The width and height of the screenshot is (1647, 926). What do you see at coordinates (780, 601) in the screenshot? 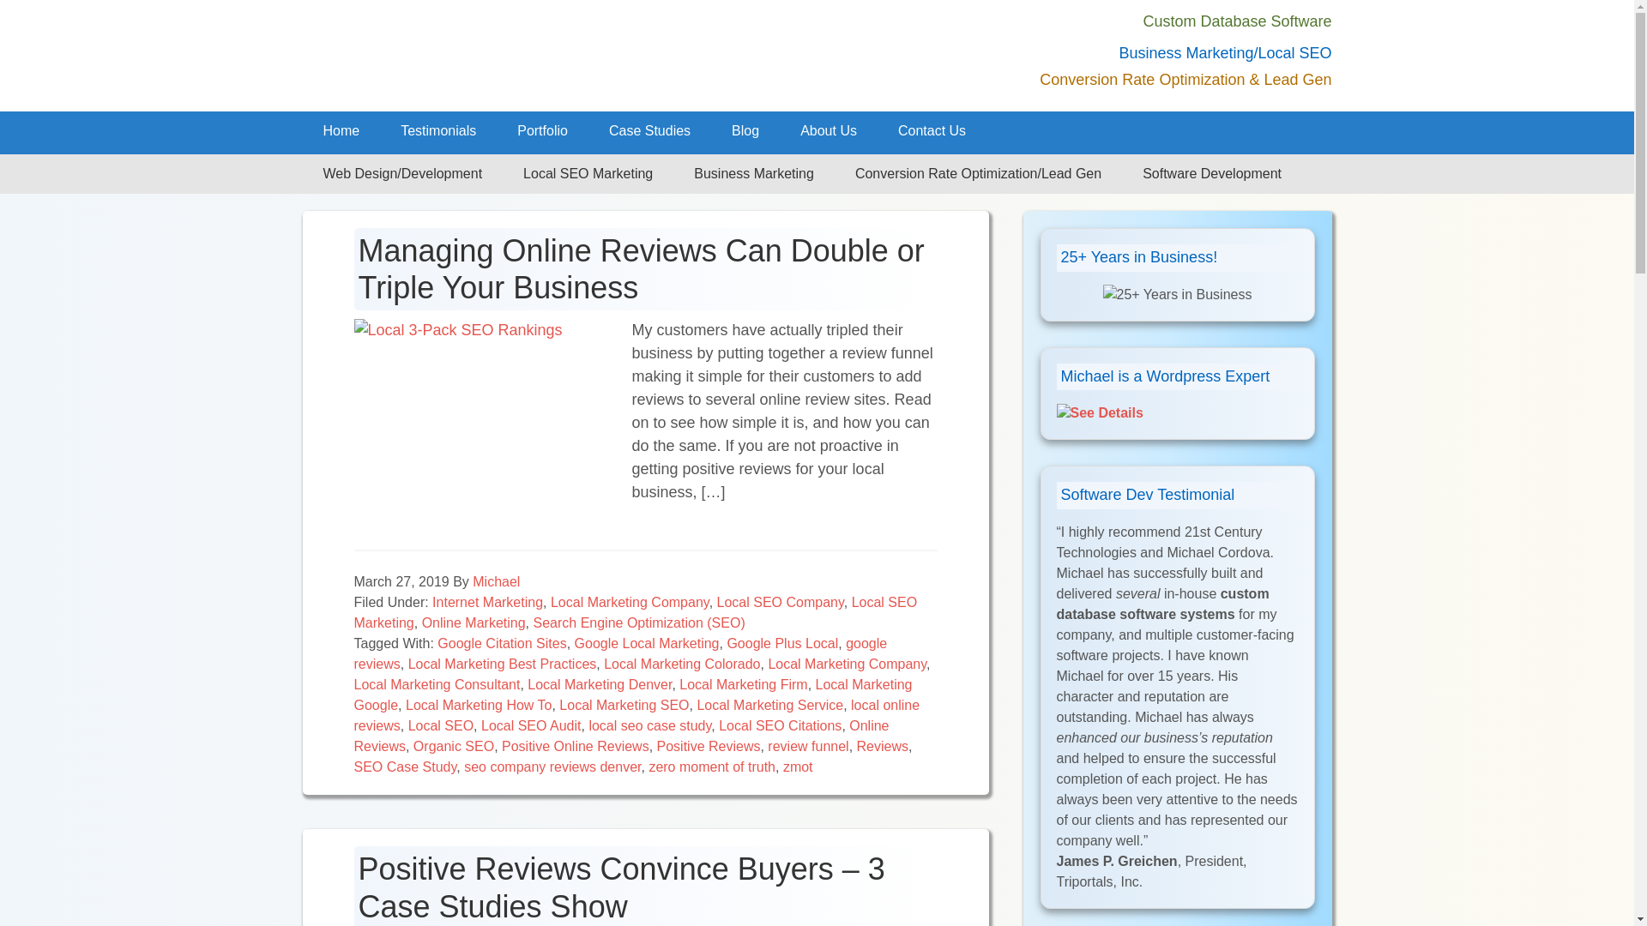
I see `'Local SEO Company'` at bounding box center [780, 601].